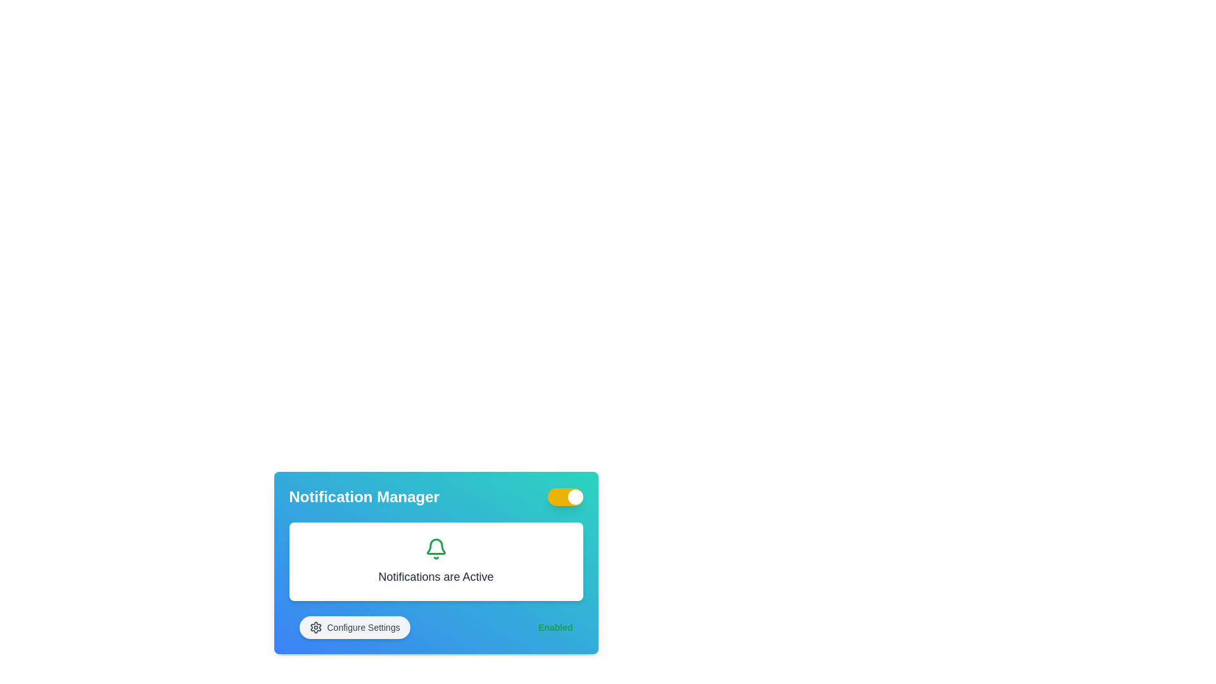 Image resolution: width=1216 pixels, height=684 pixels. What do you see at coordinates (436, 548) in the screenshot?
I see `the green bell icon representing active notifications, which is positioned slightly above the text 'Notifications are Active'` at bounding box center [436, 548].